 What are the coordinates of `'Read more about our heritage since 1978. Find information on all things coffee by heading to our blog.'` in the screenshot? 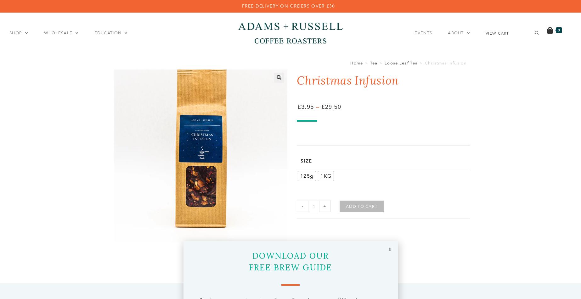 It's located at (513, 63).